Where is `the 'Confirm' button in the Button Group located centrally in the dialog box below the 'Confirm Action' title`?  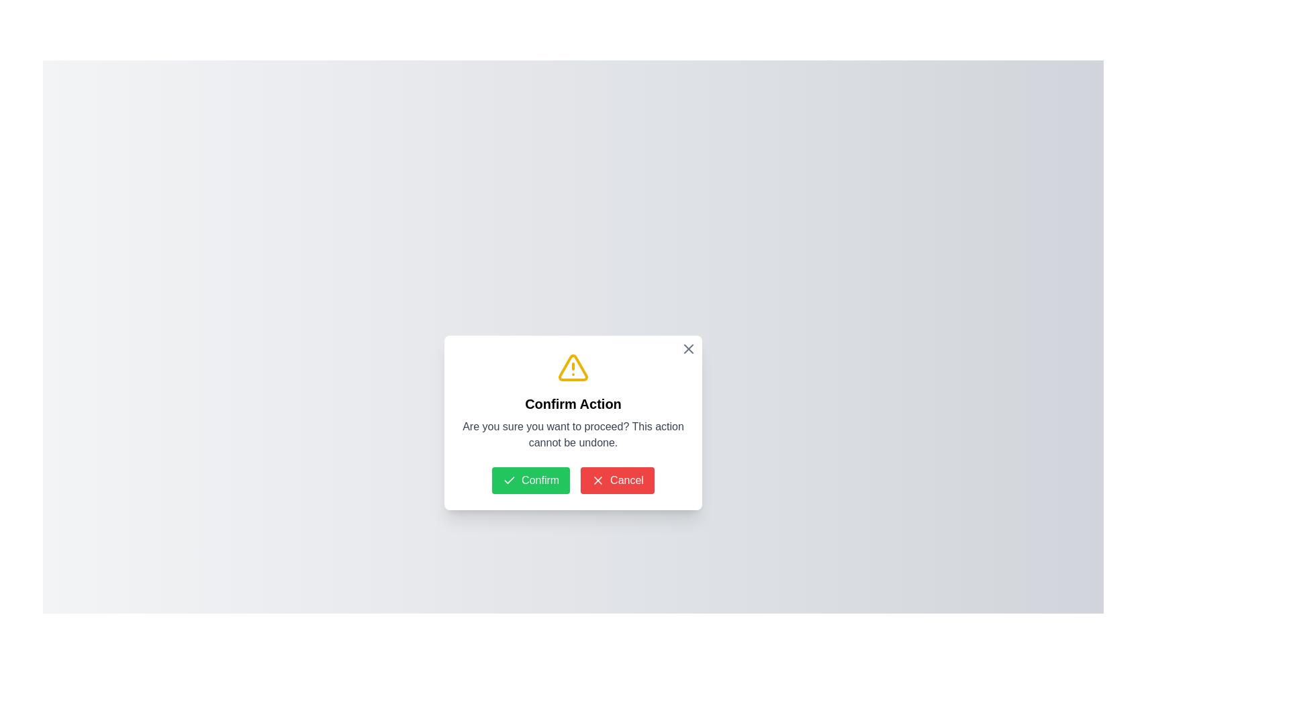
the 'Confirm' button in the Button Group located centrally in the dialog box below the 'Confirm Action' title is located at coordinates (573, 480).